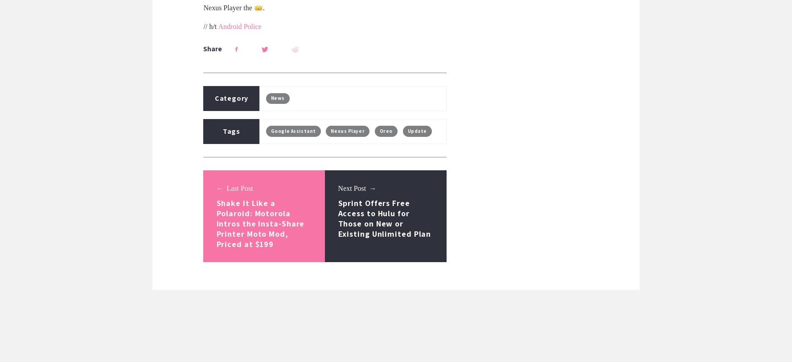 This screenshot has width=792, height=362. Describe the element at coordinates (212, 48) in the screenshot. I see `'Share'` at that location.